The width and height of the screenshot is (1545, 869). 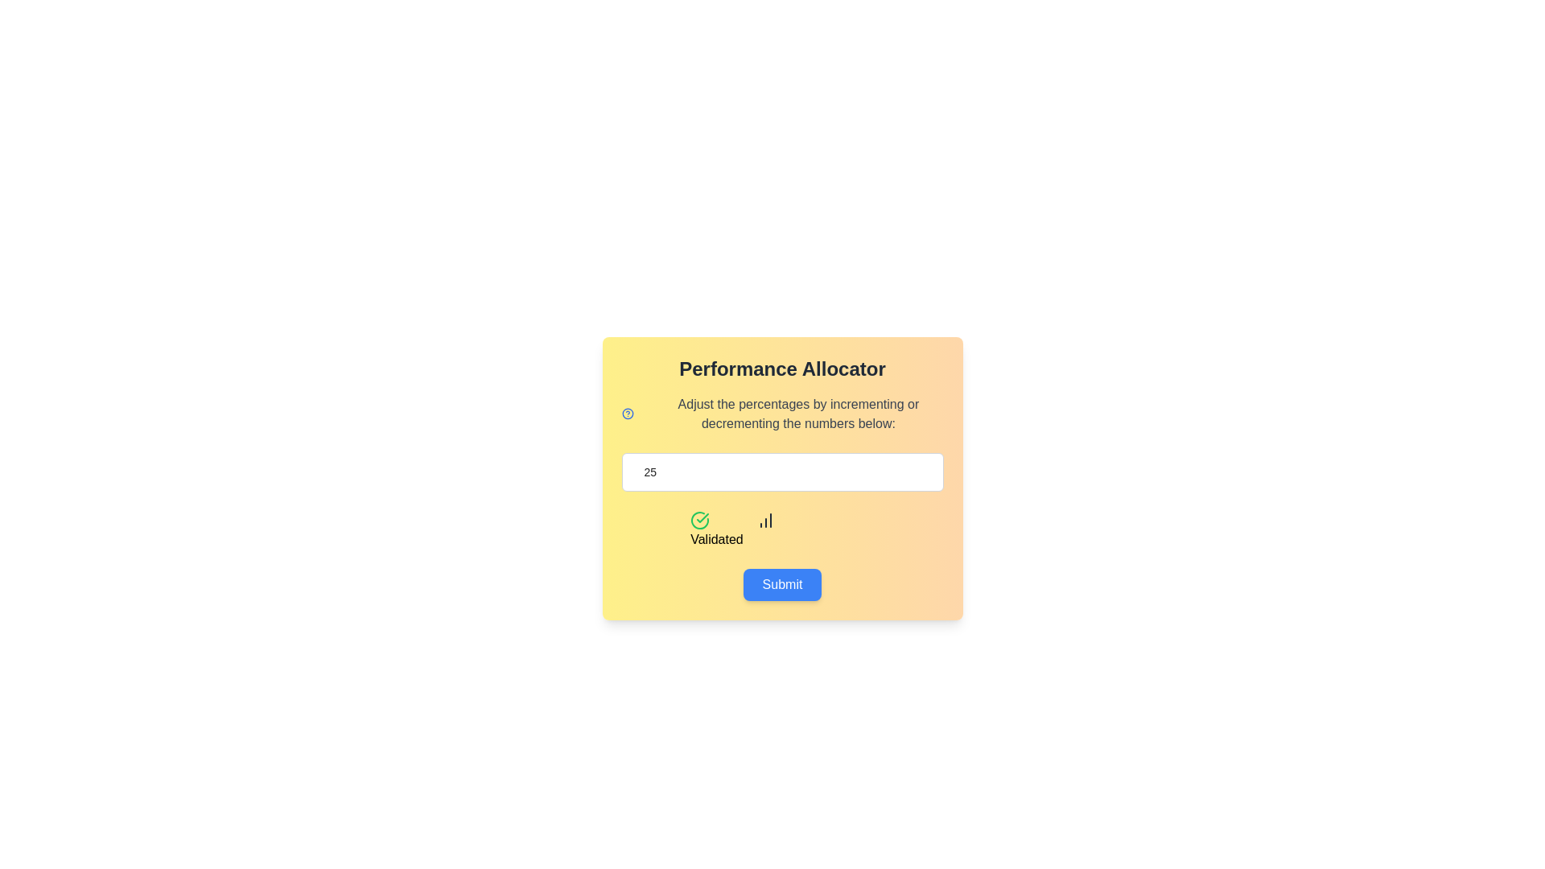 I want to click on the circular green icon with a checkmark that indicates validation, located in the yellow section of the interface, to the left of the 'Validated' label text, so click(x=700, y=521).